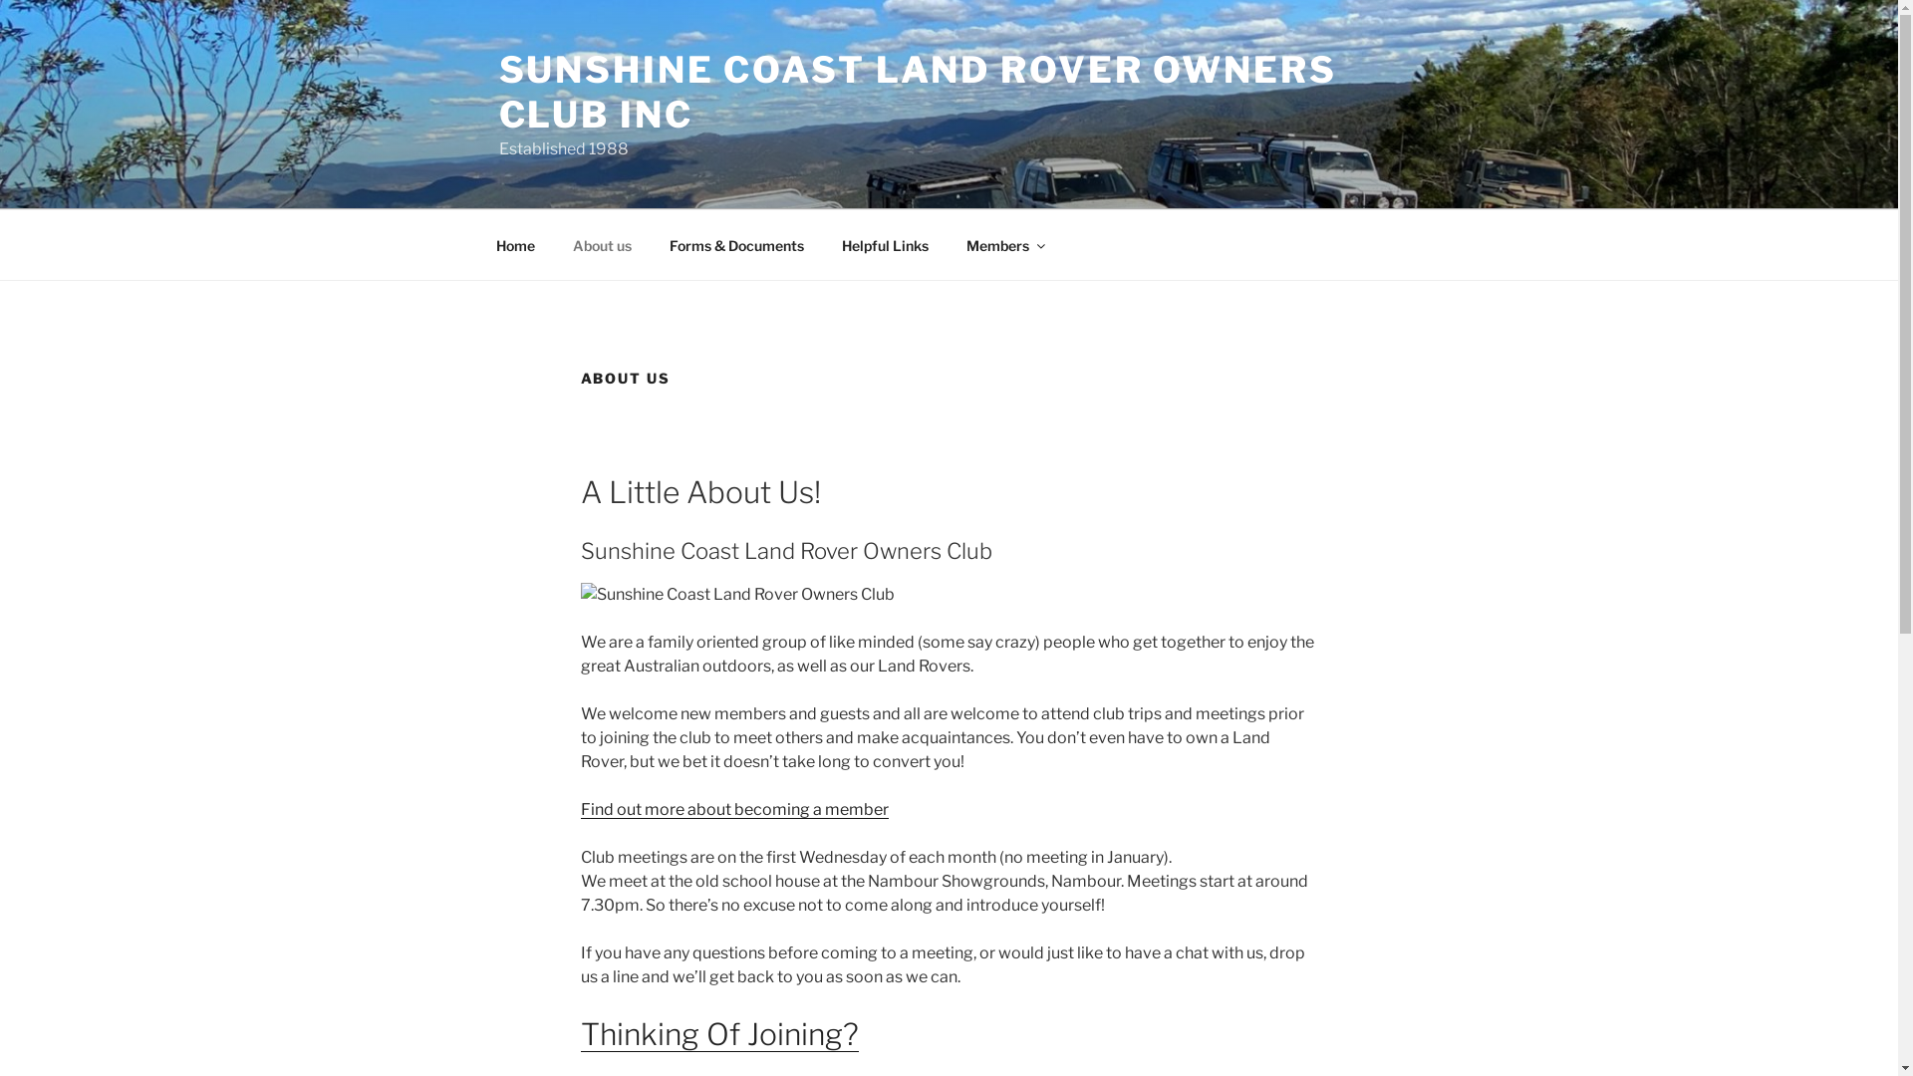 The image size is (1913, 1076). I want to click on 'Thinking Of Joining?', so click(717, 1032).